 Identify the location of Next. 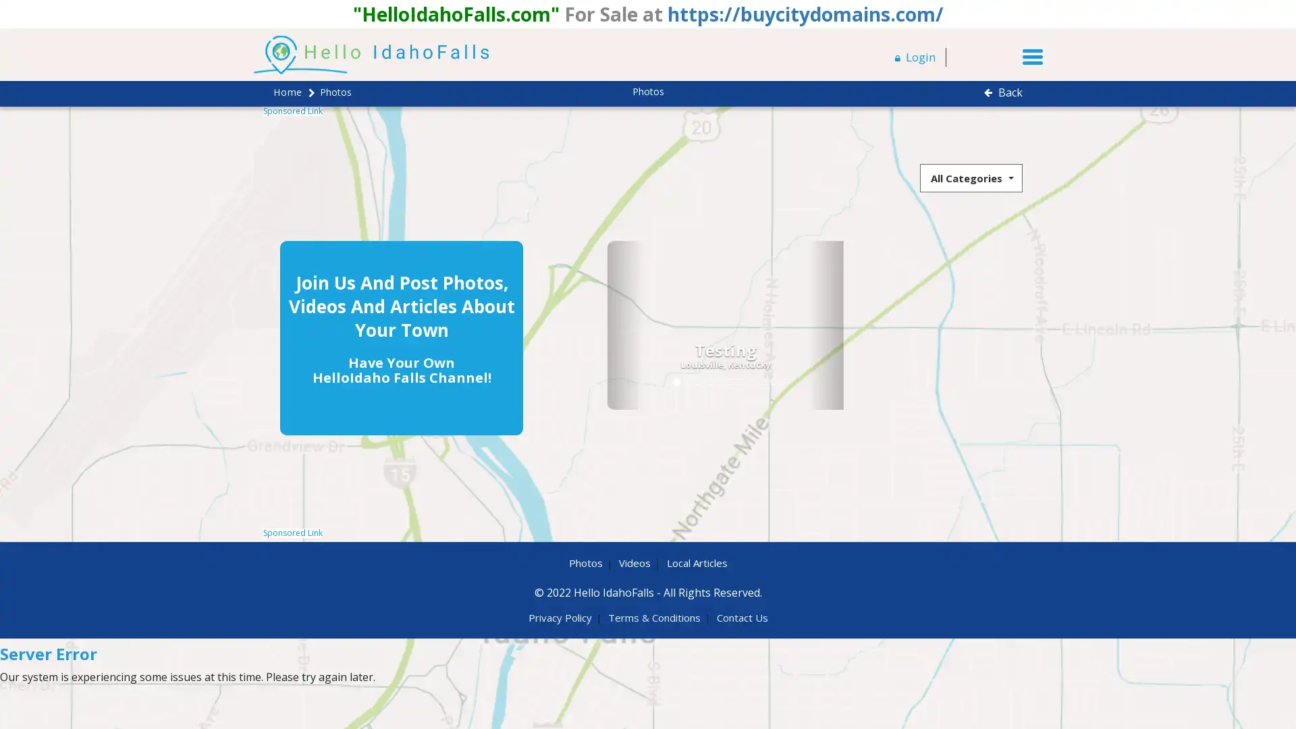
(753, 325).